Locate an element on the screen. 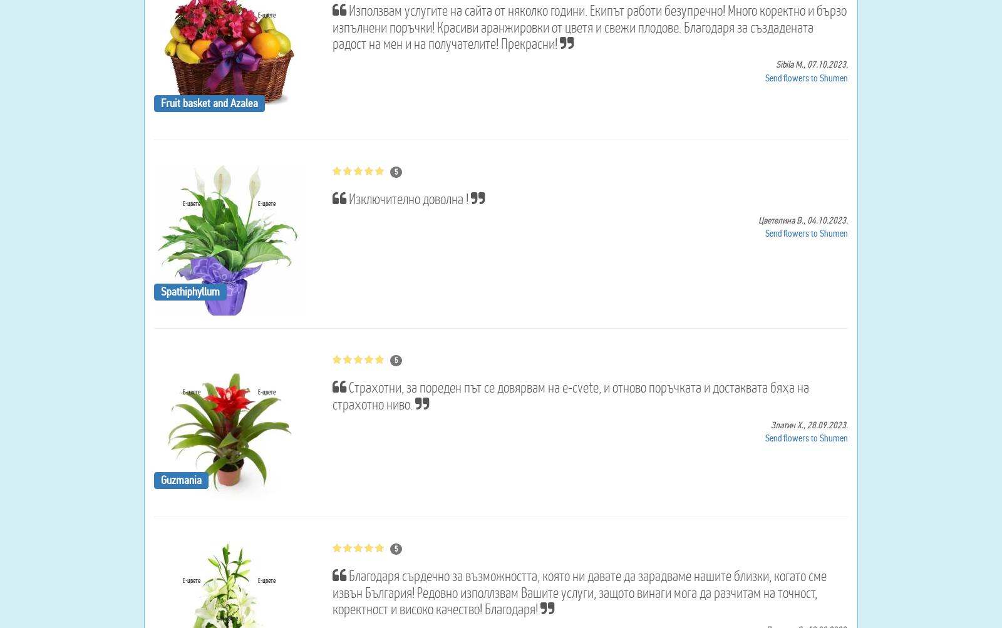 This screenshot has height=628, width=1002. 'Sibila M.' is located at coordinates (788, 64).